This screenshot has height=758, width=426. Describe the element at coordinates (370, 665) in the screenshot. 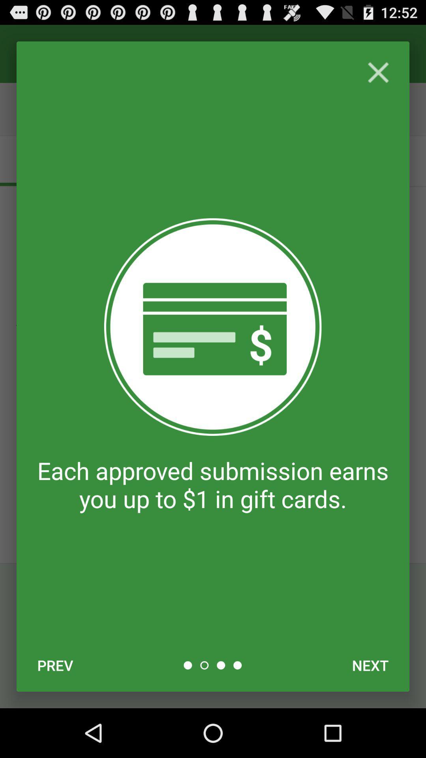

I see `item at the bottom right corner` at that location.